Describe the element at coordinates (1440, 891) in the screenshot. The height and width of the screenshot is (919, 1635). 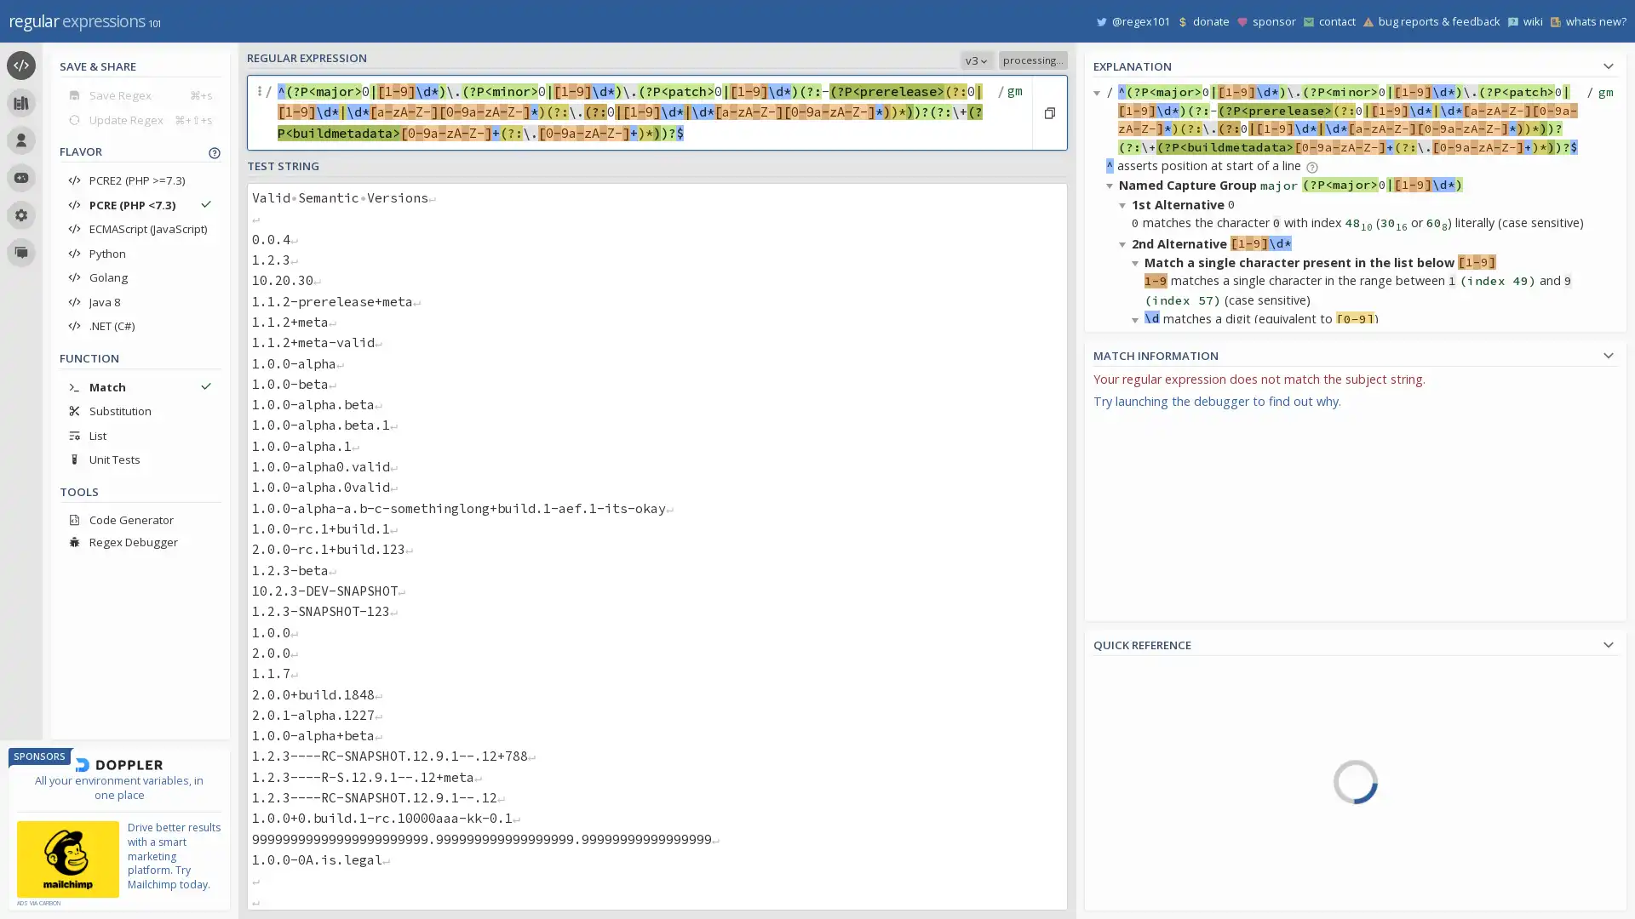
I see `Any digit \d` at that location.